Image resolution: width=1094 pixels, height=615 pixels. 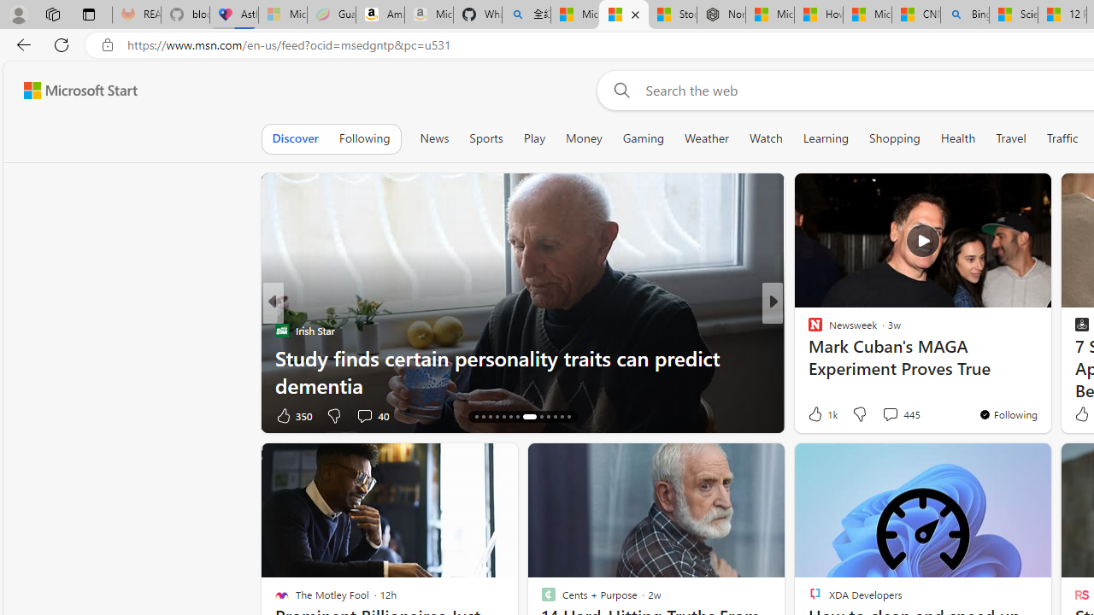 What do you see at coordinates (517, 417) in the screenshot?
I see `'AutomationID: tab-20'` at bounding box center [517, 417].